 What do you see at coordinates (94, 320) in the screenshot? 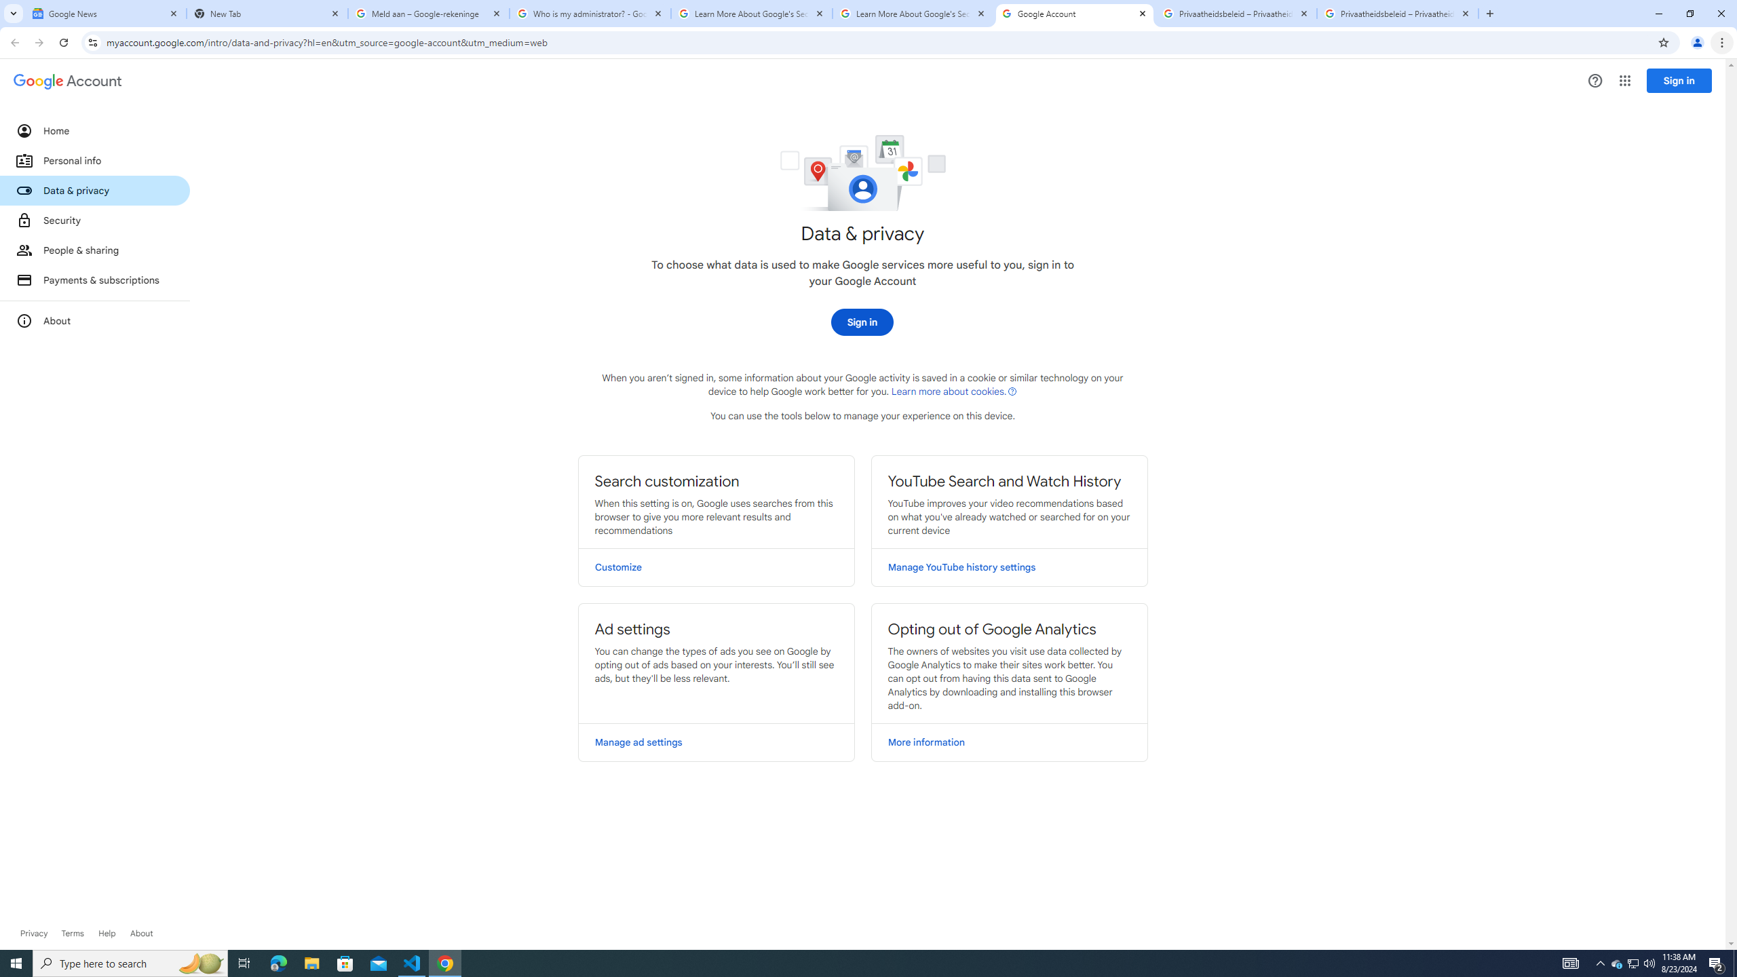
I see `'More information about the Google Account'` at bounding box center [94, 320].